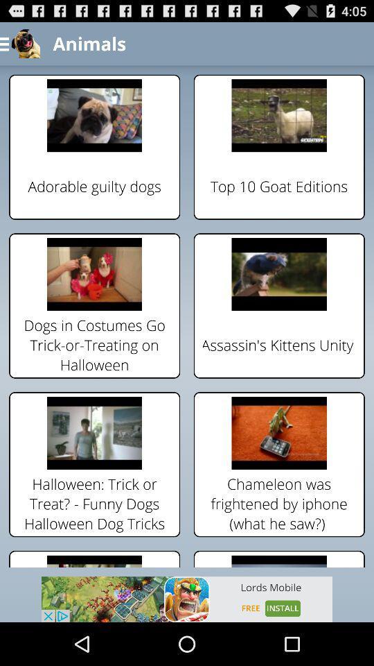 This screenshot has width=374, height=666. What do you see at coordinates (187, 599) in the screenshot?
I see `advertisement` at bounding box center [187, 599].